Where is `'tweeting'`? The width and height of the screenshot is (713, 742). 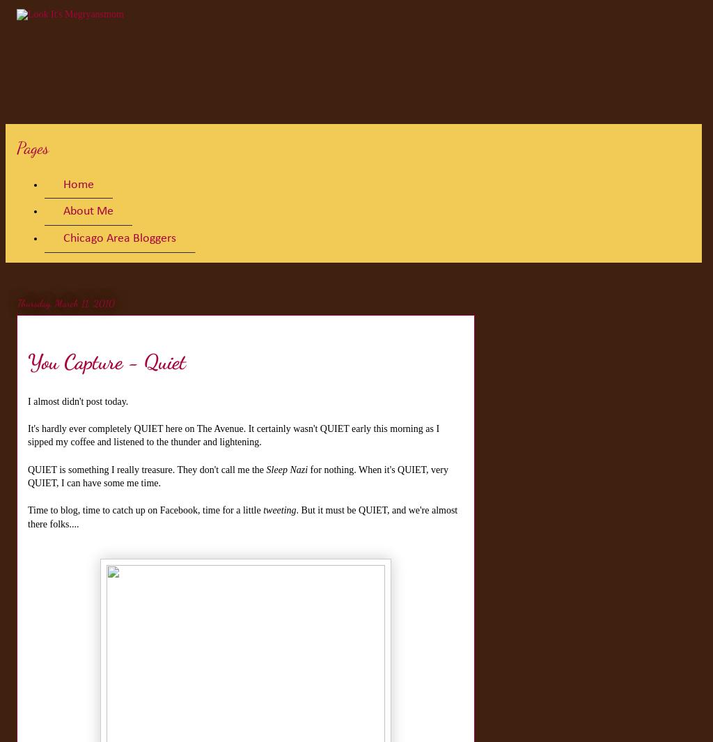 'tweeting' is located at coordinates (279, 510).